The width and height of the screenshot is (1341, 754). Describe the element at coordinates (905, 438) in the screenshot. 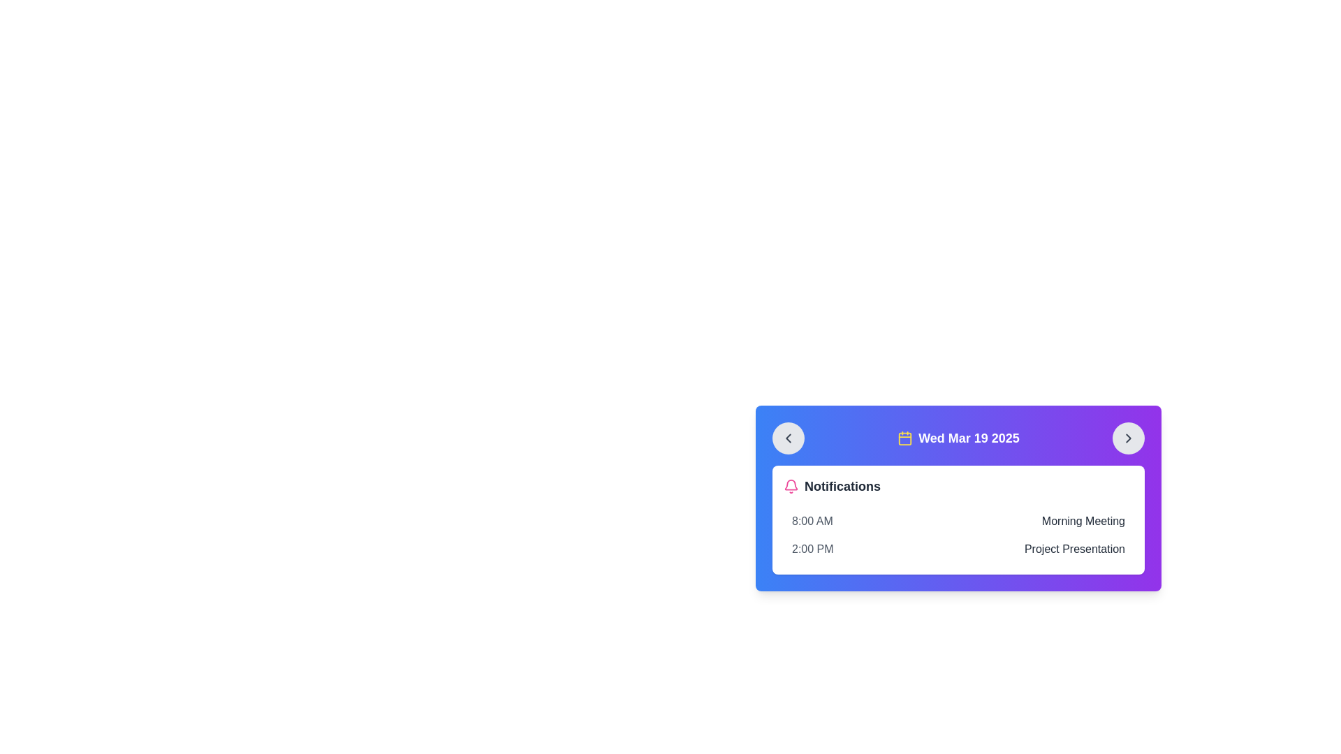

I see `the graphical icon component representing a calendar, styled with a yellowish tint, located in the top purple bar near the text 'Wed Mar 19 2025'` at that location.